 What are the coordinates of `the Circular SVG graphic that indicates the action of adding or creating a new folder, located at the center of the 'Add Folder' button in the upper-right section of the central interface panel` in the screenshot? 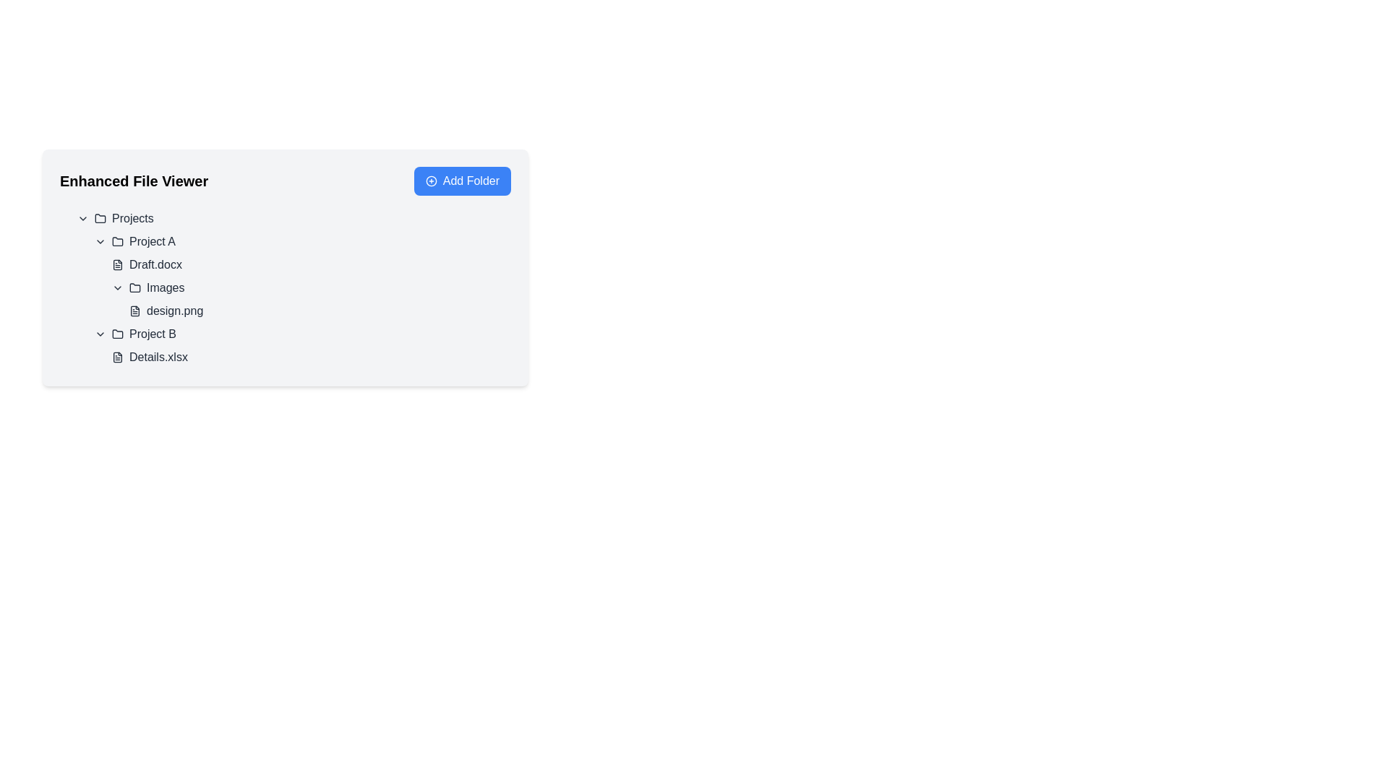 It's located at (430, 180).